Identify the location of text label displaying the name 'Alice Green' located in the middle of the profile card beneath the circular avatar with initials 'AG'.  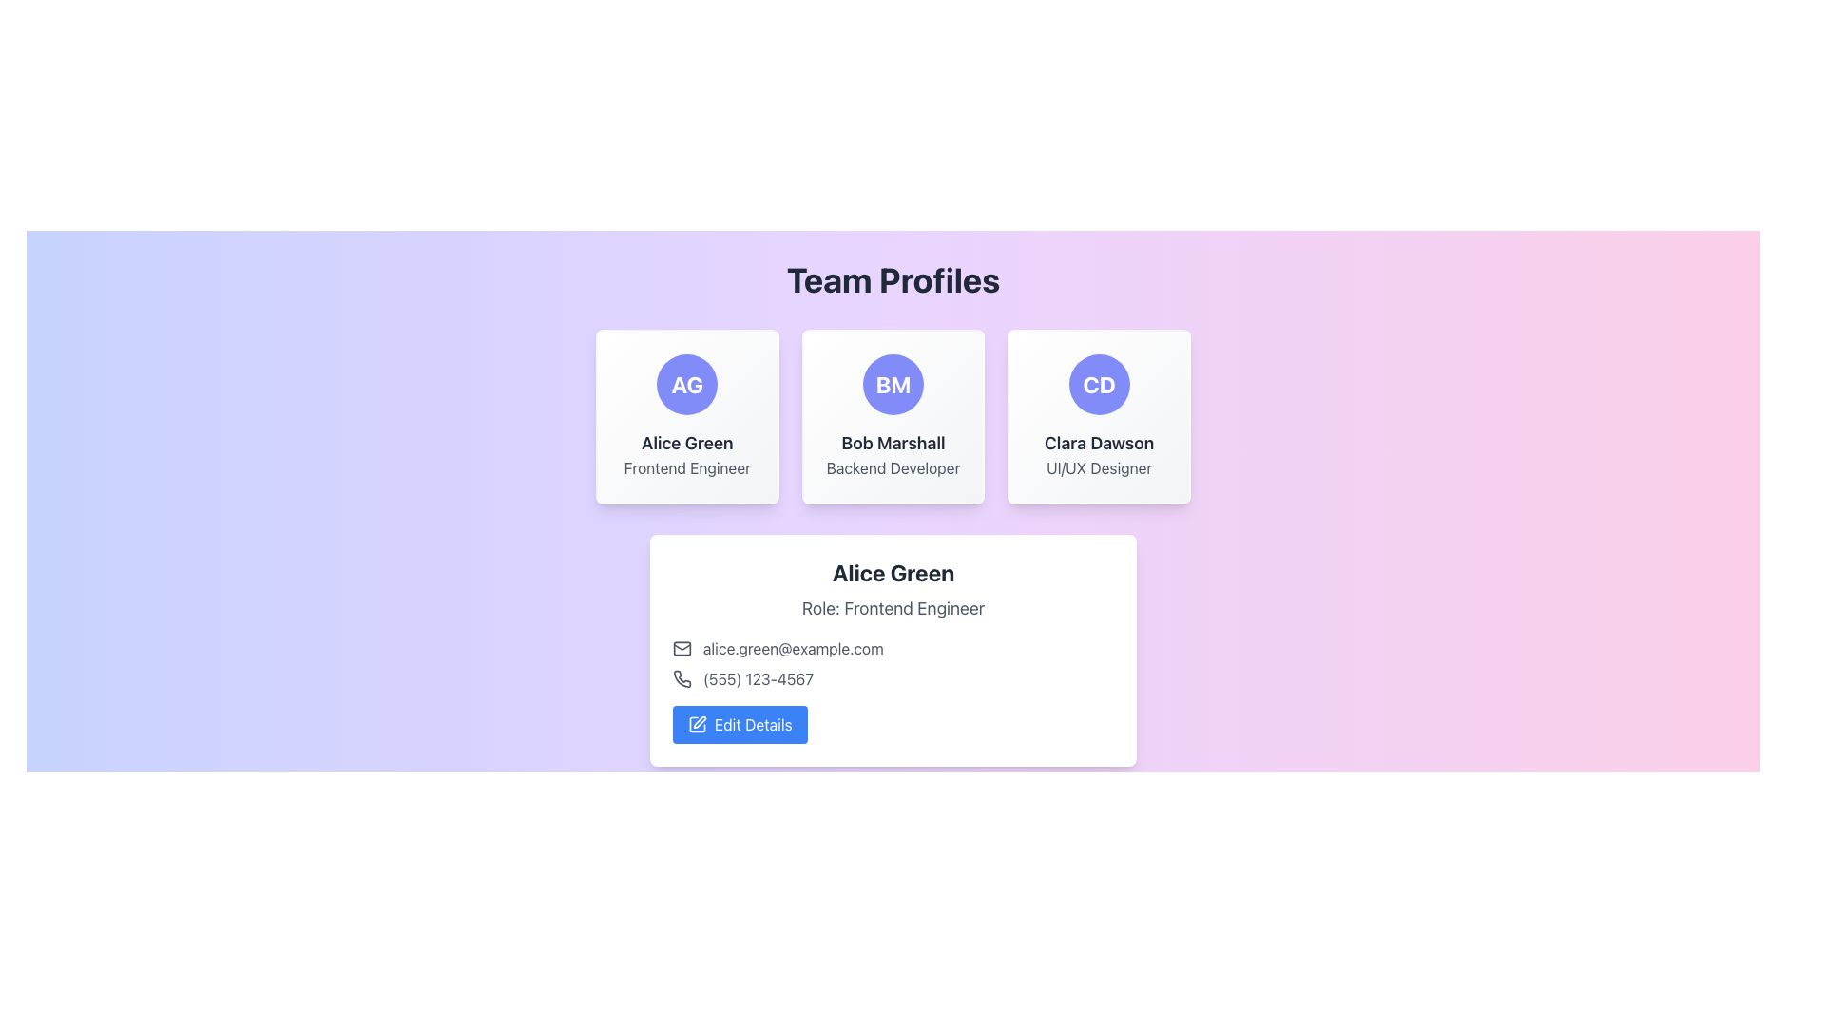
(686, 443).